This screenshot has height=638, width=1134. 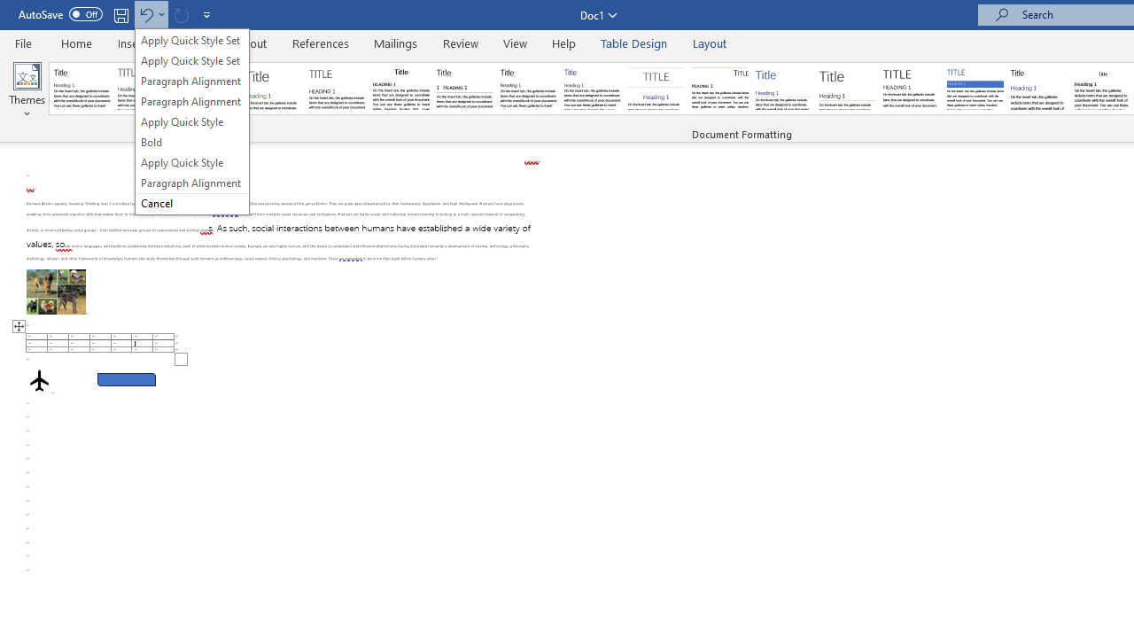 I want to click on 'Themes', so click(x=27, y=91).